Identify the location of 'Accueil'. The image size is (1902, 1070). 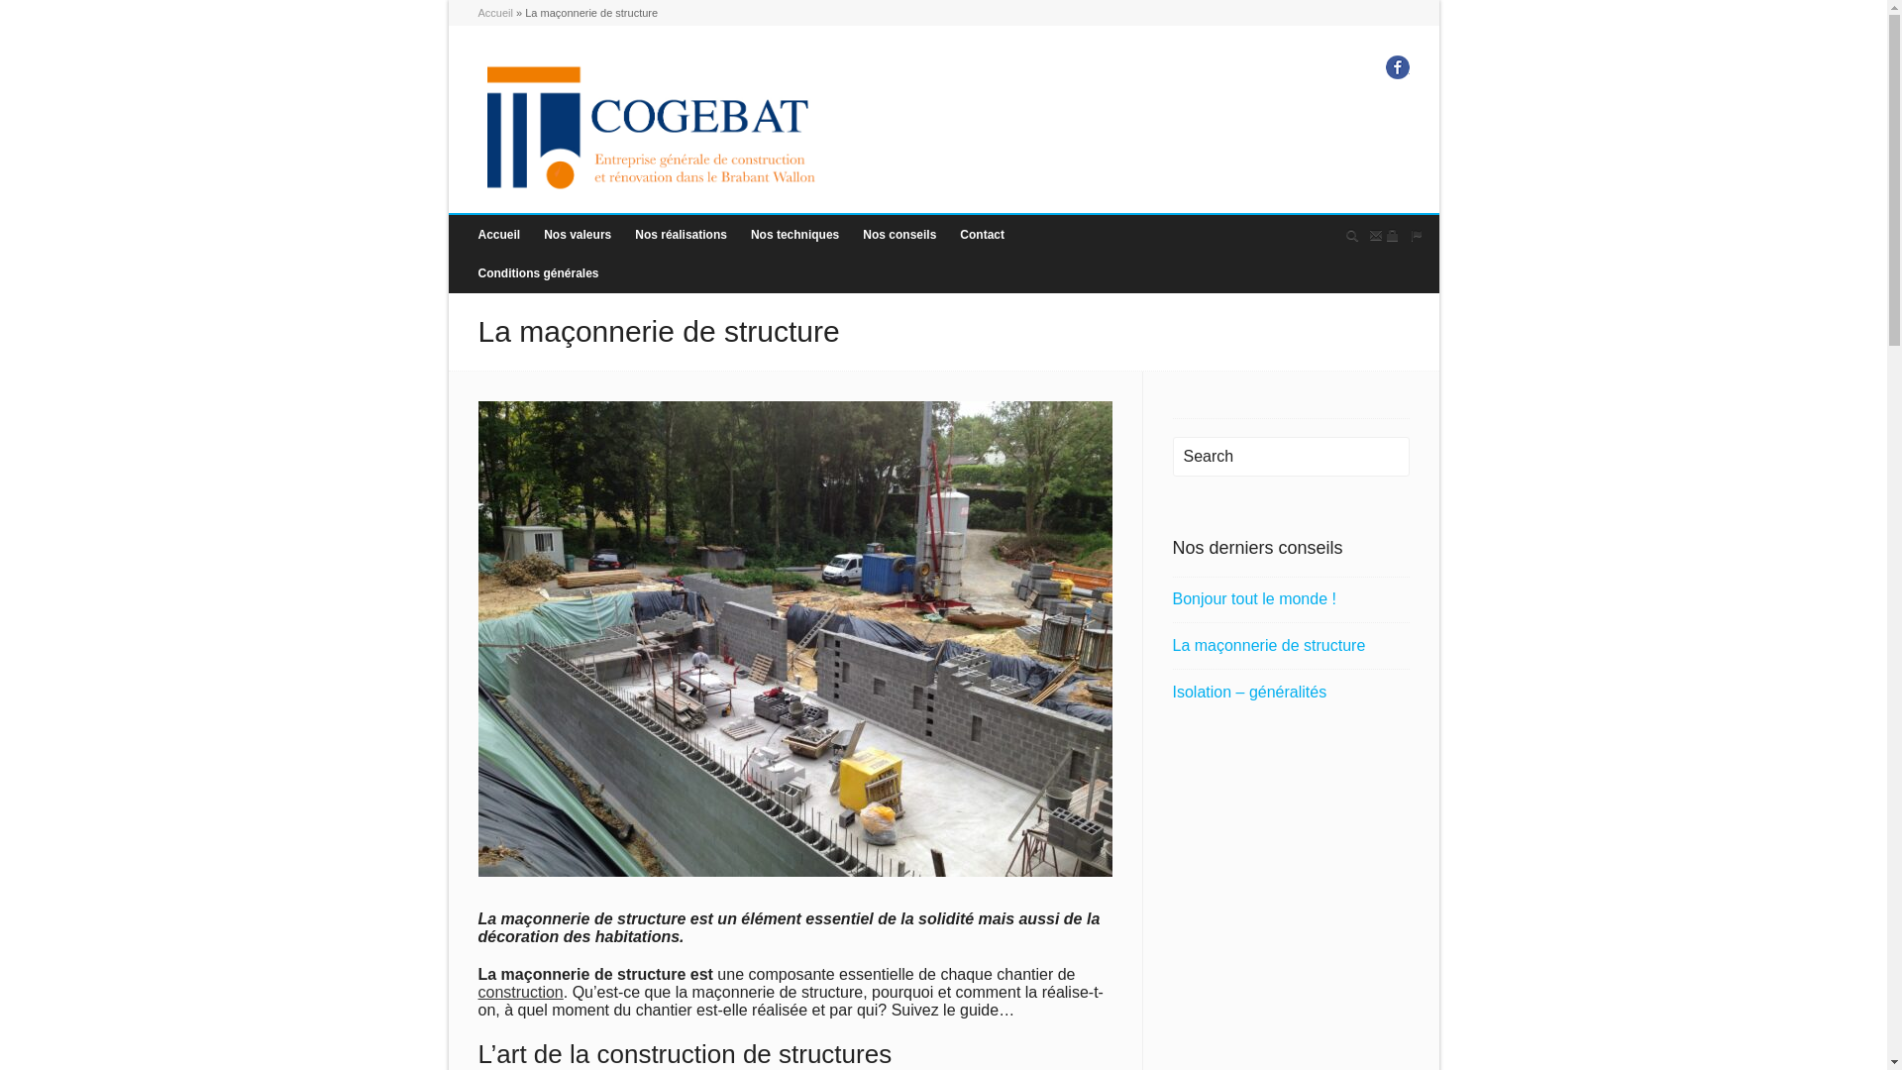
(494, 12).